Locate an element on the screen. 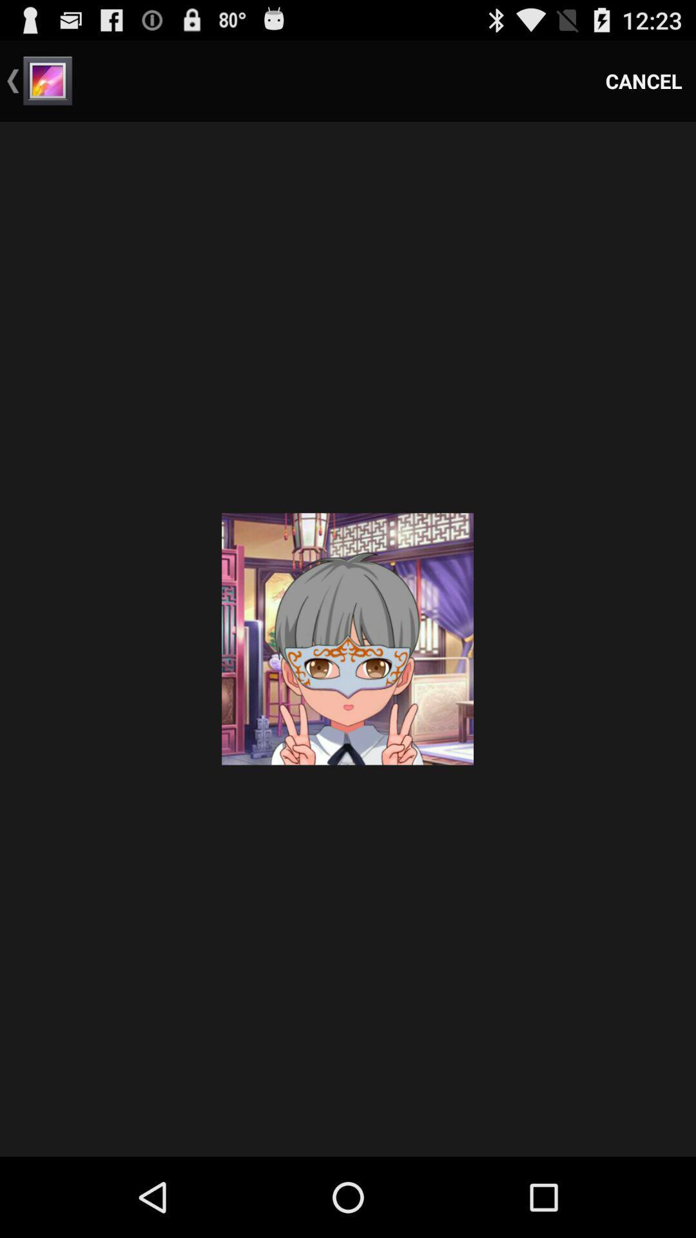  the item at the top right corner is located at coordinates (644, 80).